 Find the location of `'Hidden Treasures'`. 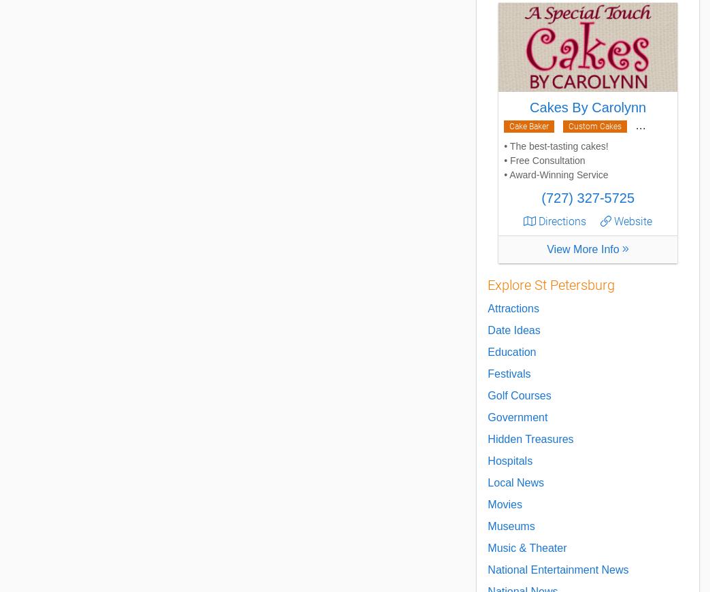

'Hidden Treasures' is located at coordinates (530, 438).